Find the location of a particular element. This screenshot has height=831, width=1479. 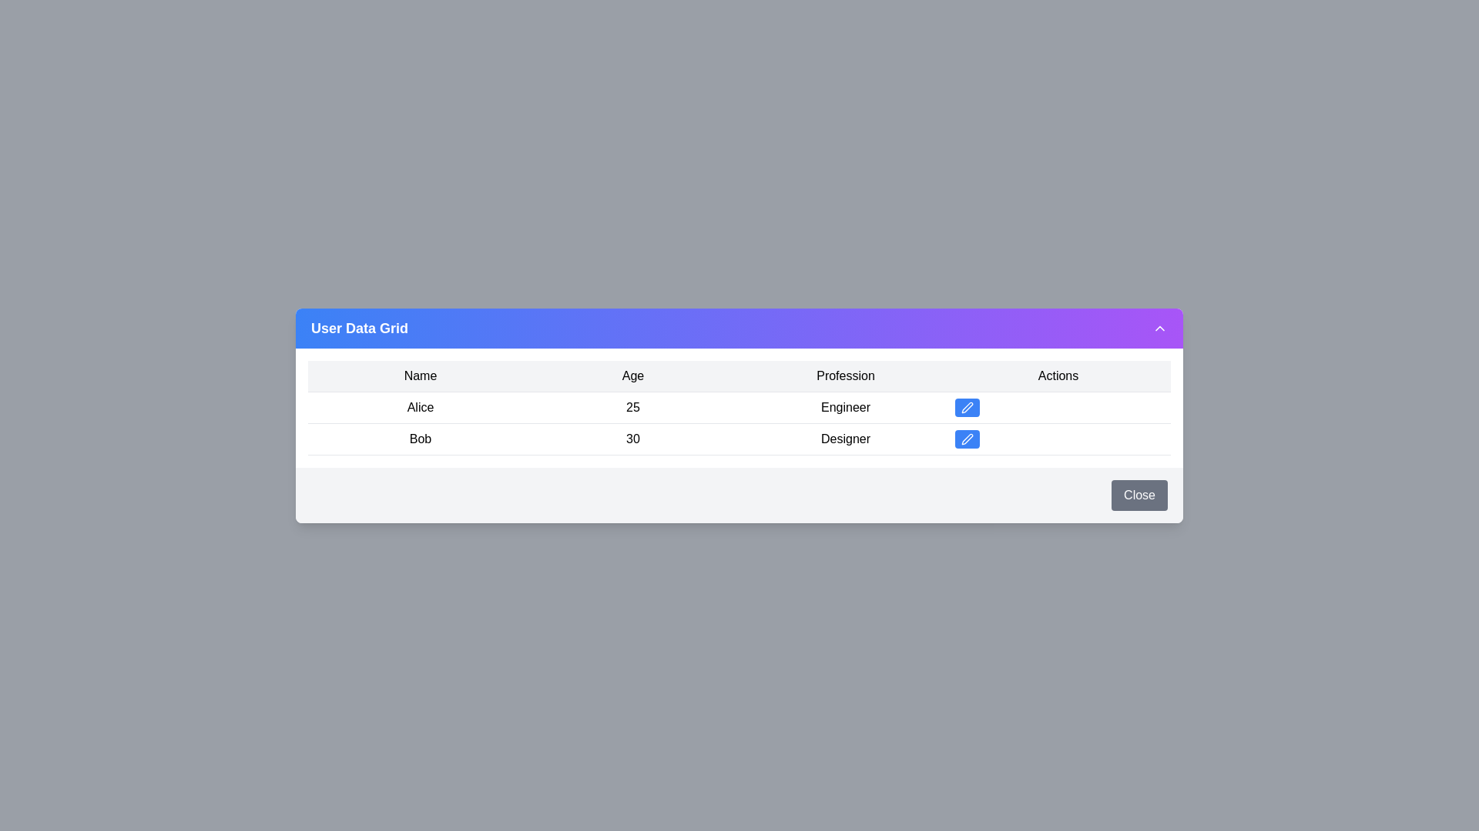

the toggle button located in the top-right corner of the 'User Data Grid' panel is located at coordinates (1160, 326).